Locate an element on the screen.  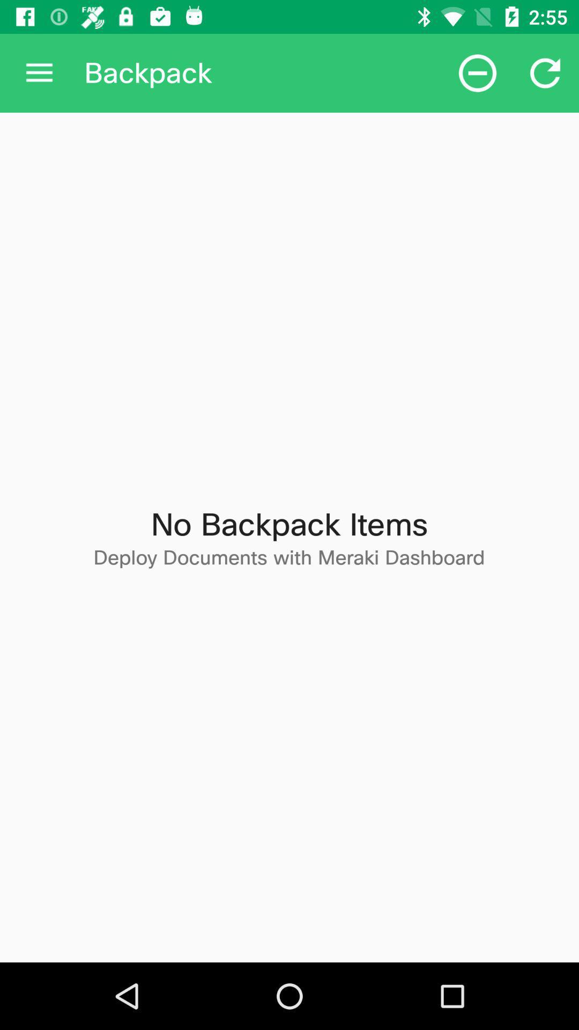
app next to backpack icon is located at coordinates (39, 72).